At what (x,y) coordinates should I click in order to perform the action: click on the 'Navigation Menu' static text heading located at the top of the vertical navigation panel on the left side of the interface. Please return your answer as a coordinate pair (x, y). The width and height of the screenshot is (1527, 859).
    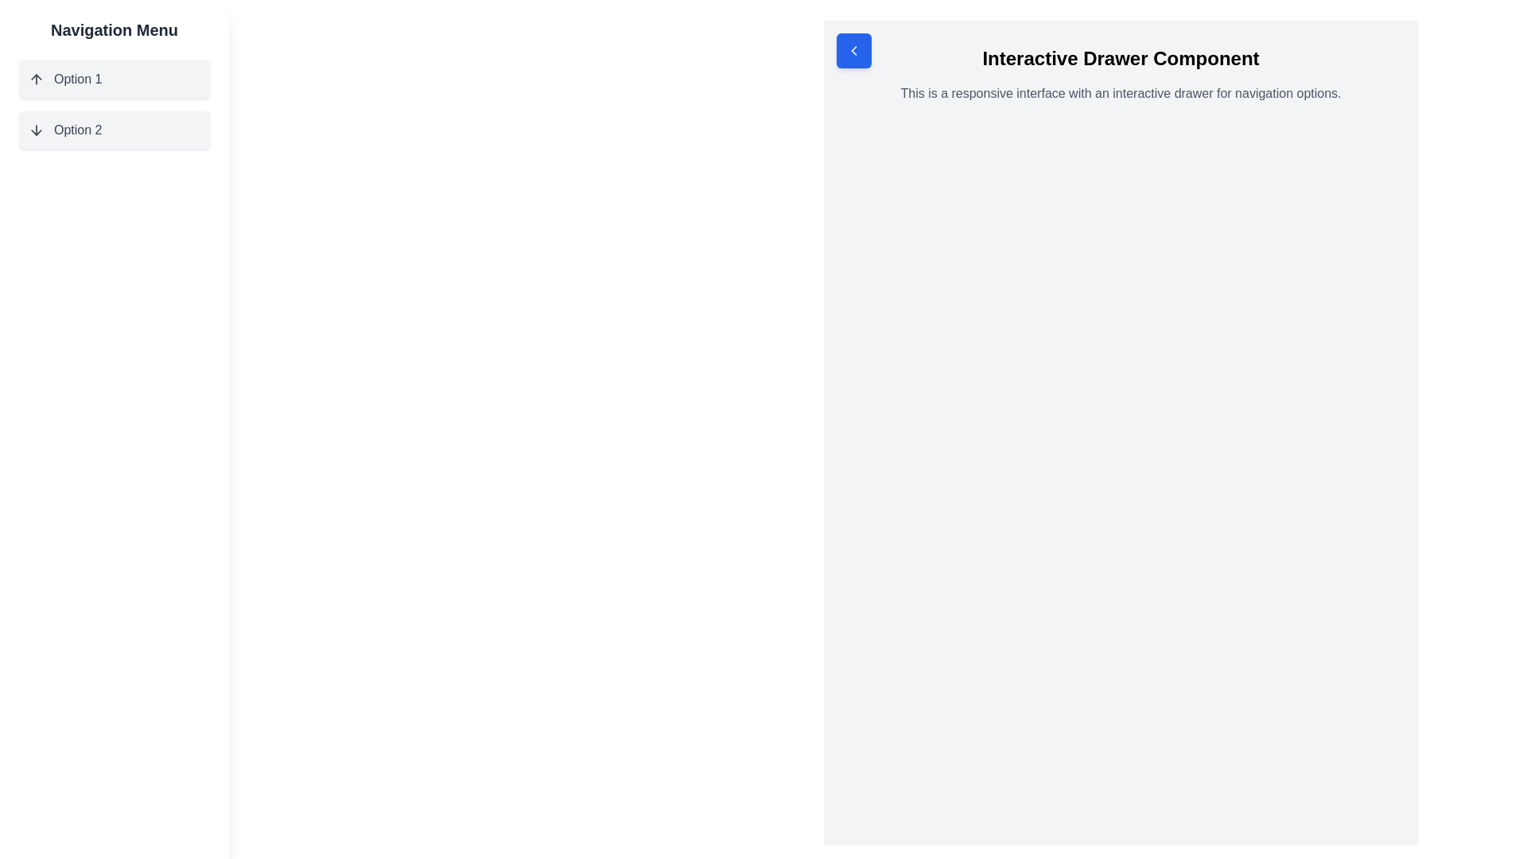
    Looking at the image, I should click on (114, 30).